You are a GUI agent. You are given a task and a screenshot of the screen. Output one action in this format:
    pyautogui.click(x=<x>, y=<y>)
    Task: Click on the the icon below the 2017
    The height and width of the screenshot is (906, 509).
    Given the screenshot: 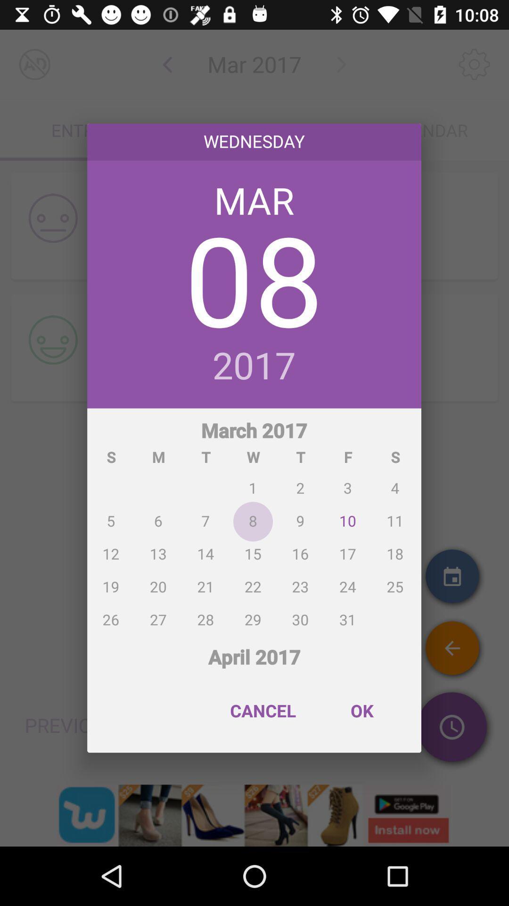 What is the action you would take?
    pyautogui.click(x=254, y=521)
    